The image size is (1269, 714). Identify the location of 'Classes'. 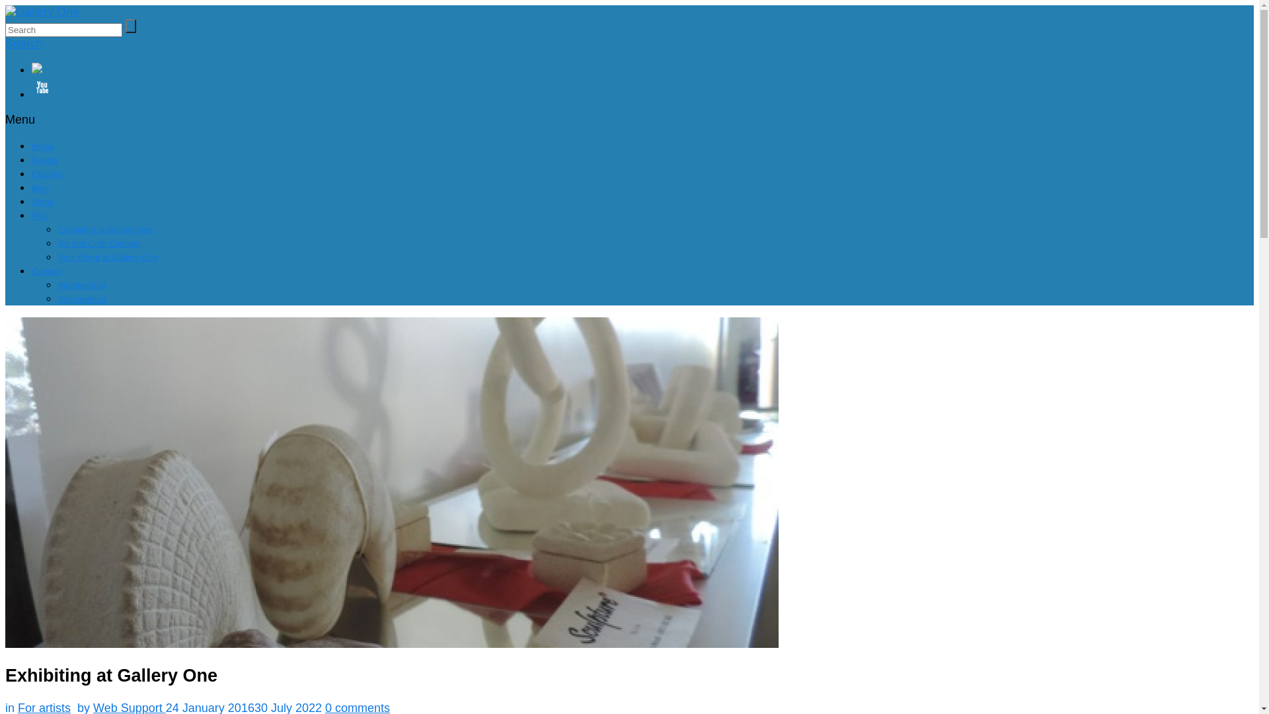
(47, 173).